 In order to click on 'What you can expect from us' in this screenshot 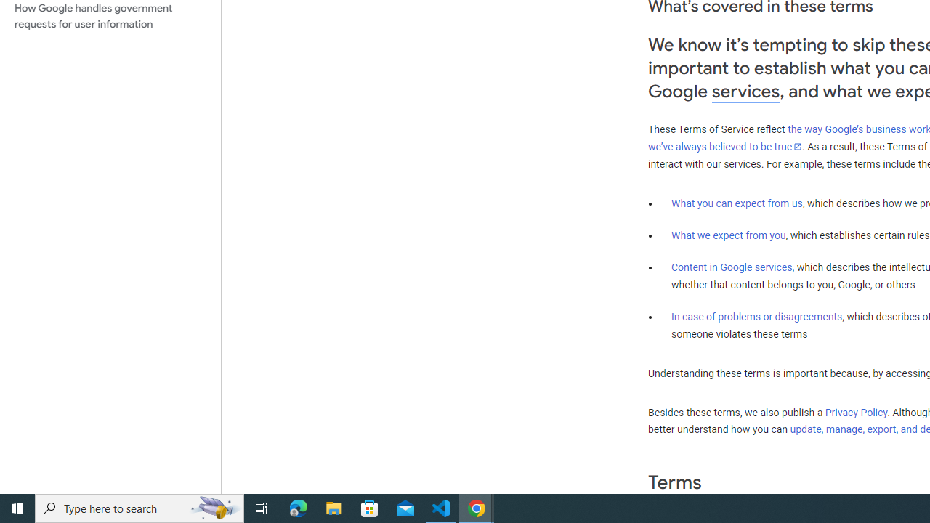, I will do `click(737, 203)`.